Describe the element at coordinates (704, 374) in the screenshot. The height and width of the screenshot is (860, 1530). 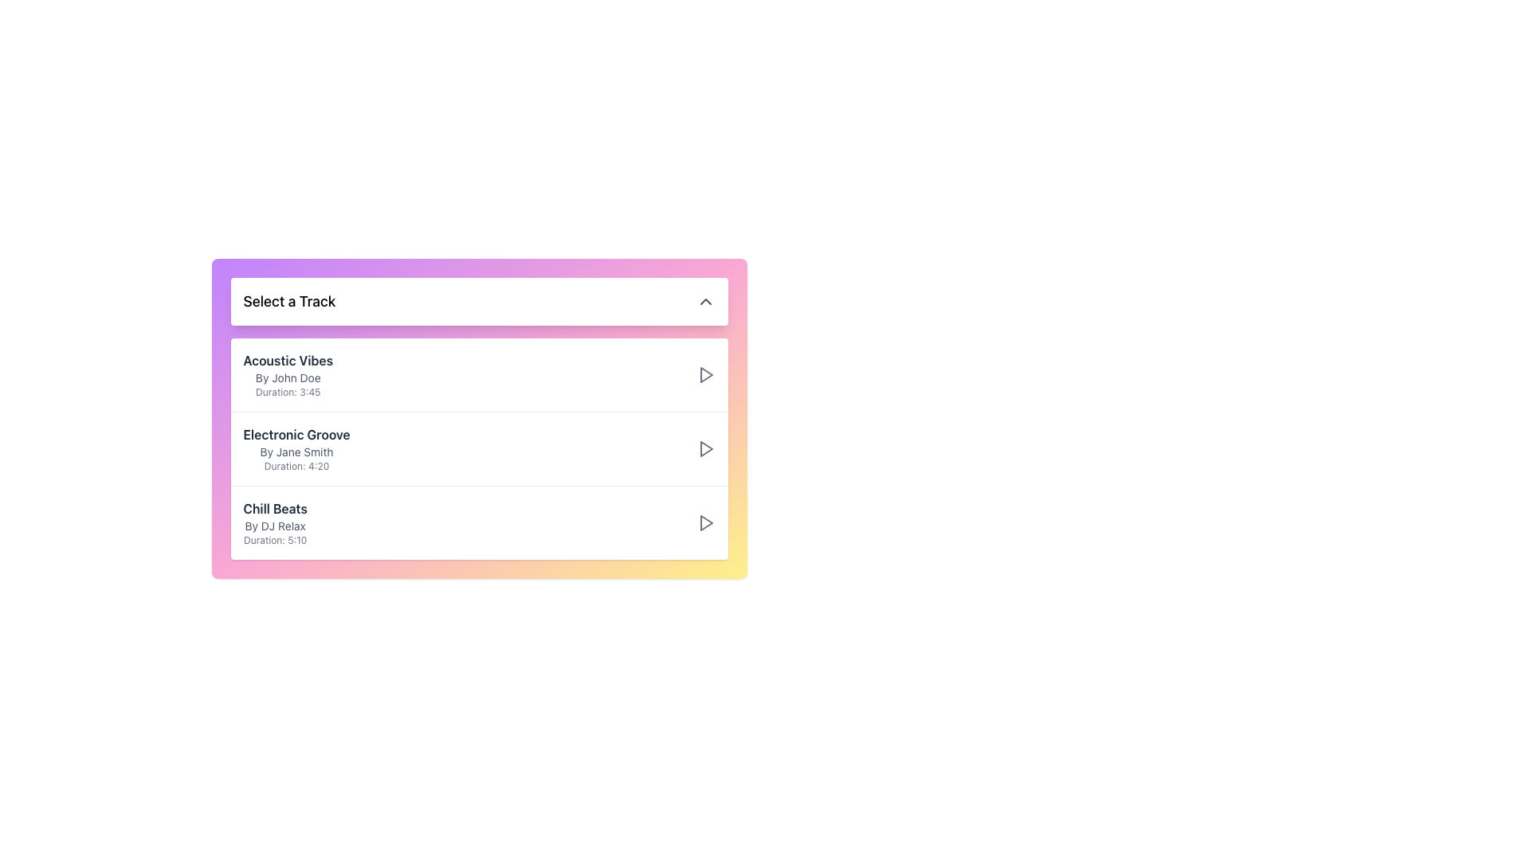
I see `the triangular play button icon located at the far-right side of the first row next to the text 'Acoustic Vibes.' to play the associated track` at that location.